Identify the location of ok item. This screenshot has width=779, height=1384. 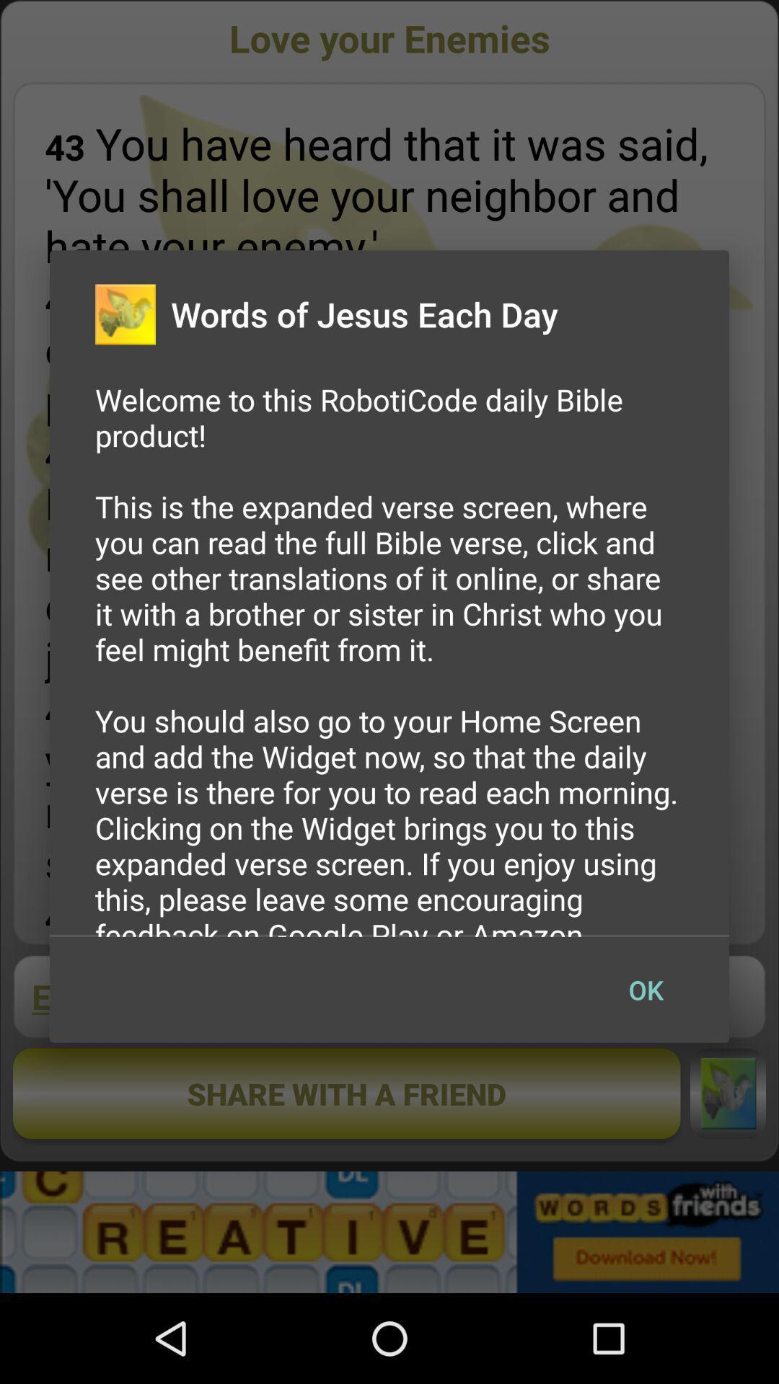
(645, 989).